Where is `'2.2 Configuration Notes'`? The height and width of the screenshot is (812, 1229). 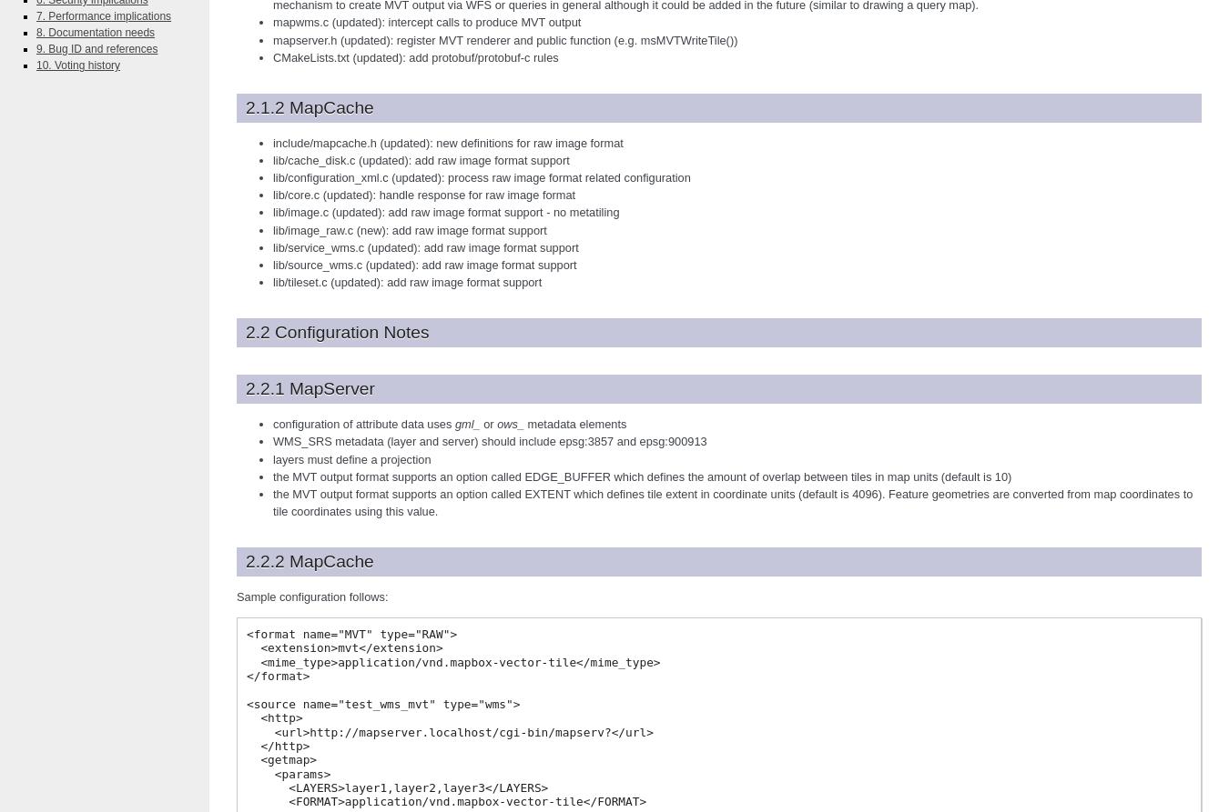
'2.2 Configuration Notes' is located at coordinates (337, 332).